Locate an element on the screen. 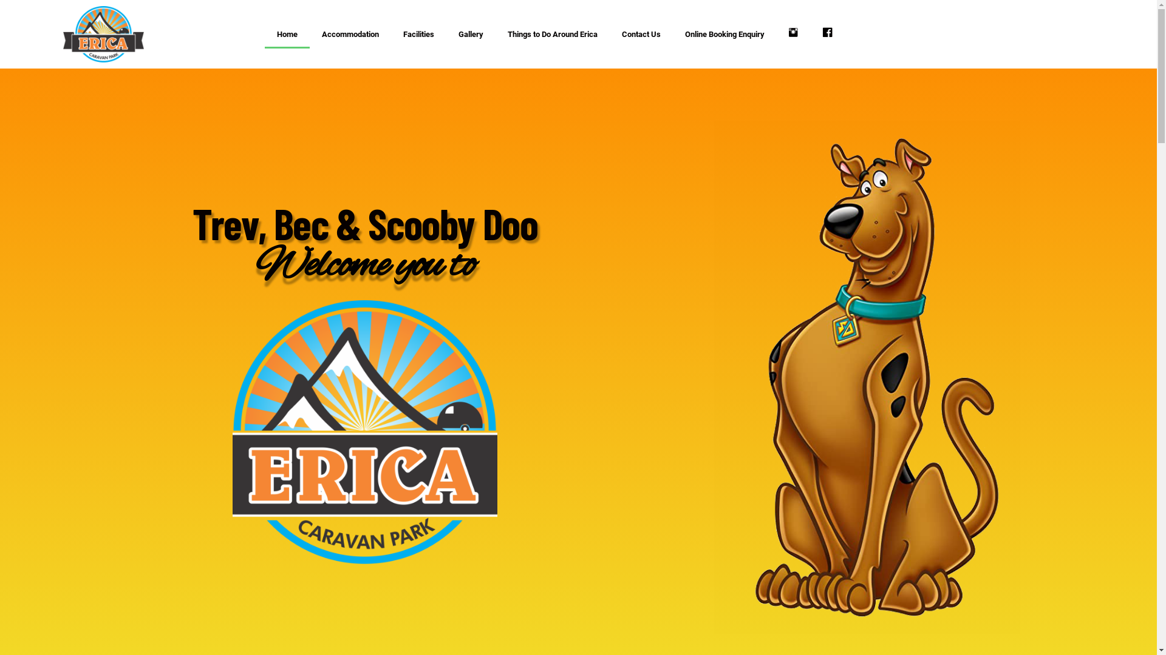  'Online Booking Enquiry' is located at coordinates (724, 34).